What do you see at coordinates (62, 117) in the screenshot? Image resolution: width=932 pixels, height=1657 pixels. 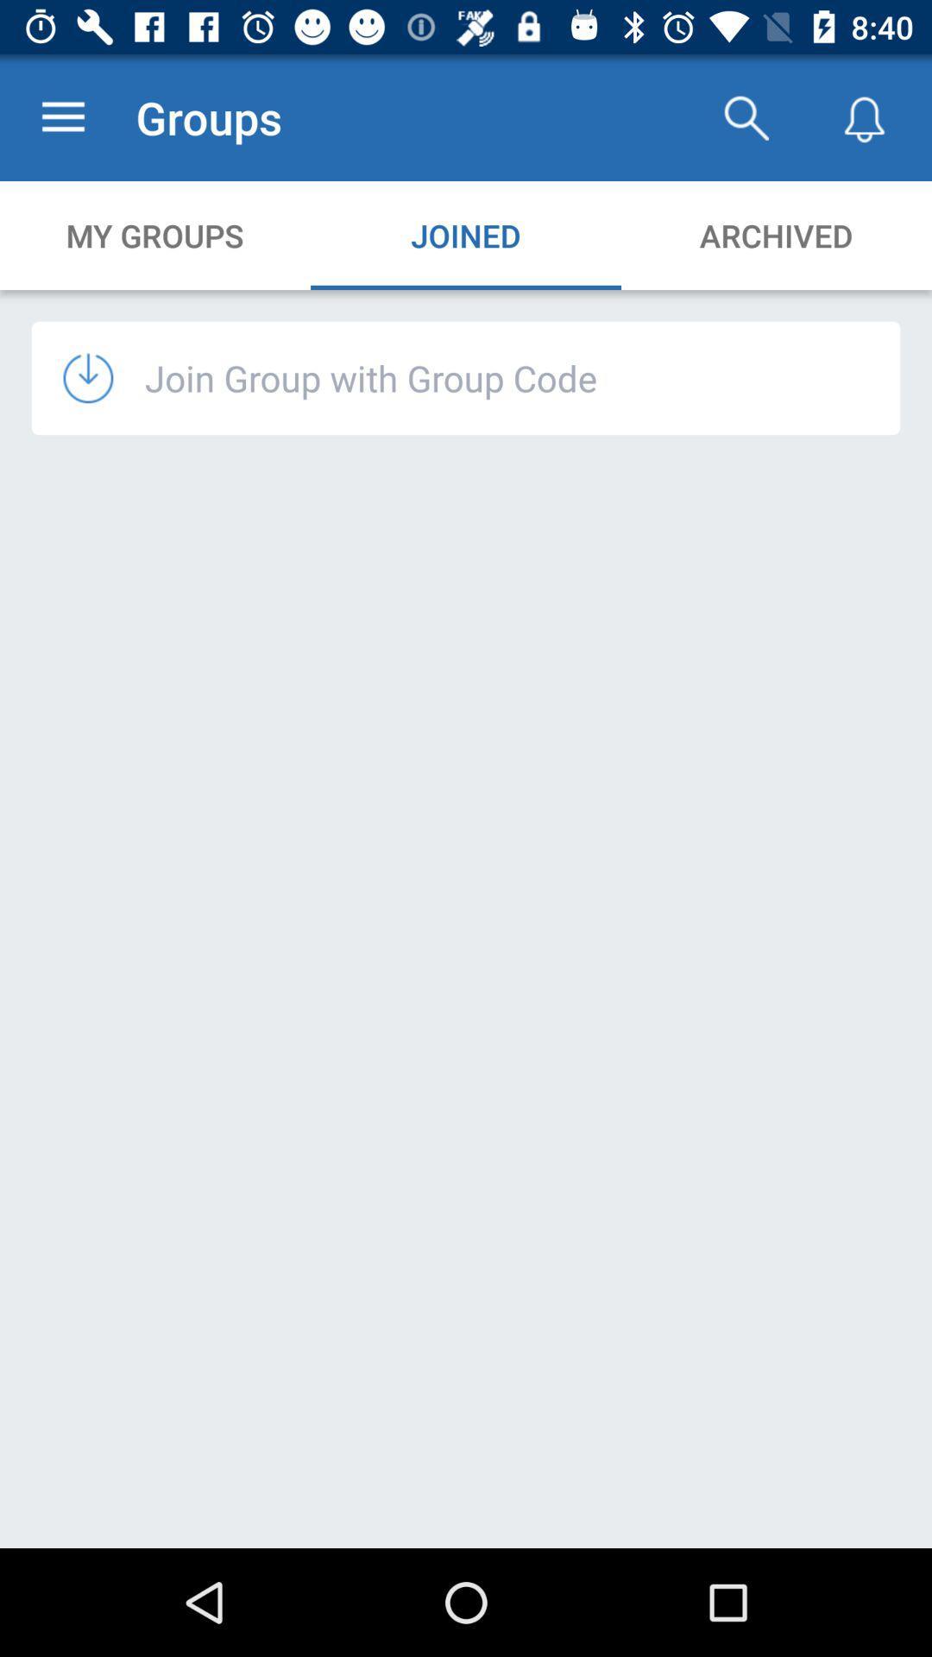 I see `the item to the left of groups` at bounding box center [62, 117].